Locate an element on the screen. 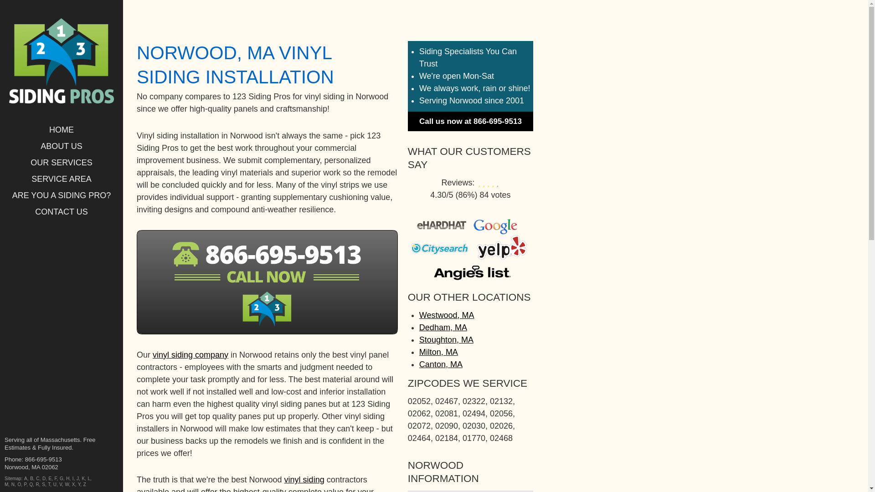  'Z' is located at coordinates (83, 484).